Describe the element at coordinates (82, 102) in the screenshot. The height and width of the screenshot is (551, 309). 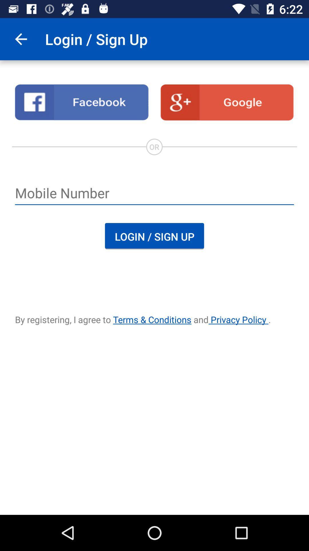
I see `log in using facebook account` at that location.